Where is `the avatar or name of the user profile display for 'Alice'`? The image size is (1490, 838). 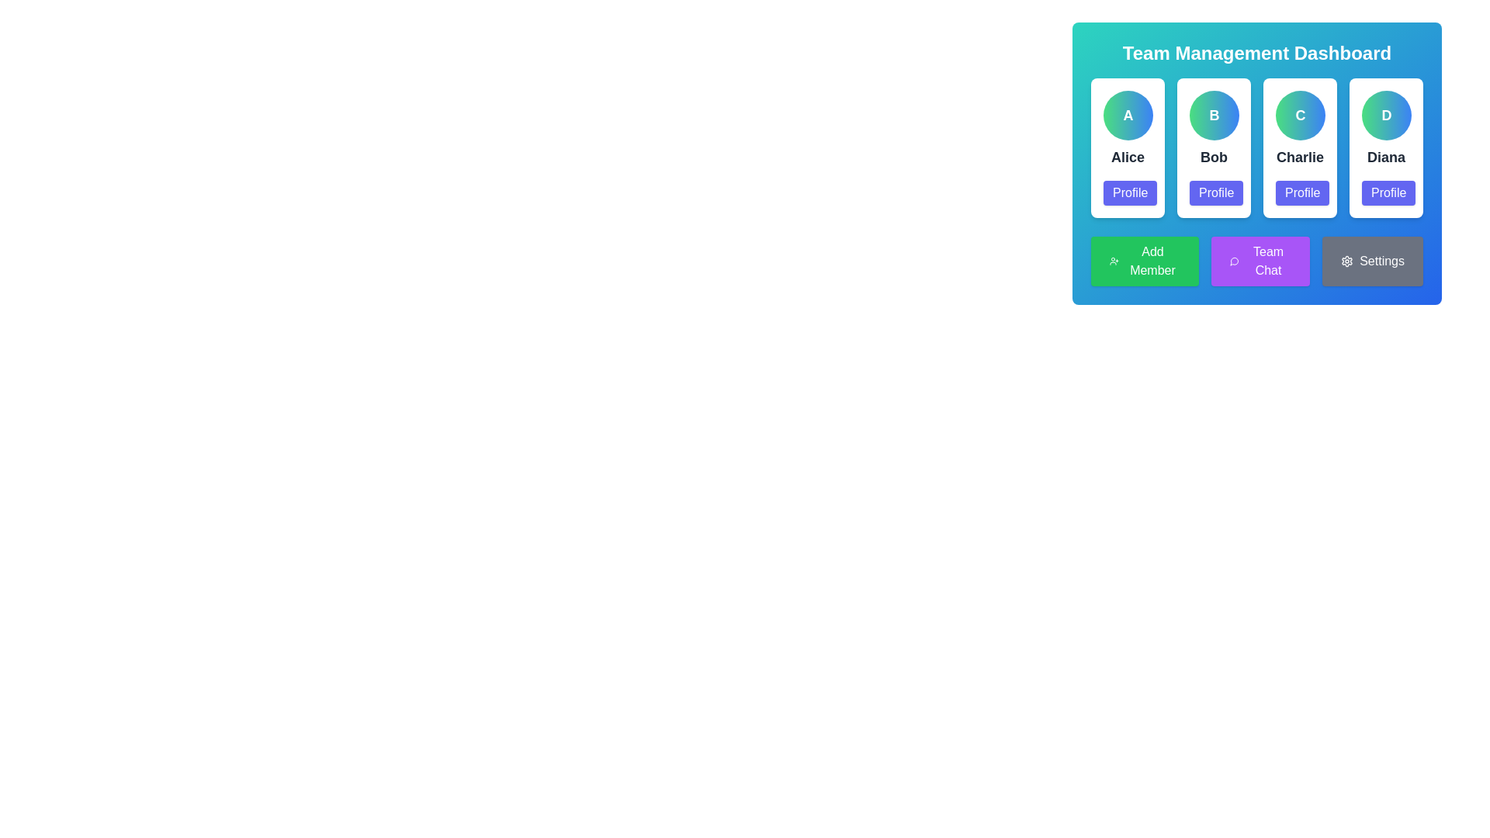 the avatar or name of the user profile display for 'Alice' is located at coordinates (1128, 148).